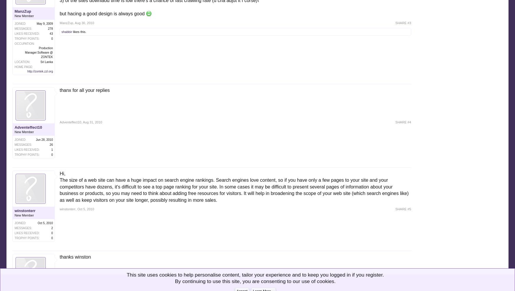  Describe the element at coordinates (102, 13) in the screenshot. I see `'but hacing a good design is always good'` at that location.